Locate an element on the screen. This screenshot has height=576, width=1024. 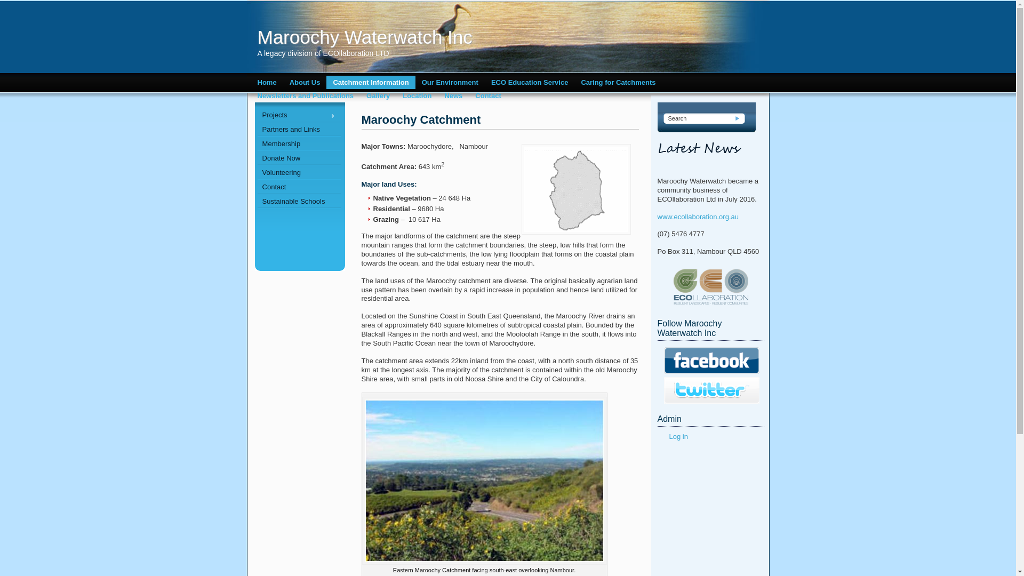
'Maroochy Waterwatch Inc' is located at coordinates (422, 36).